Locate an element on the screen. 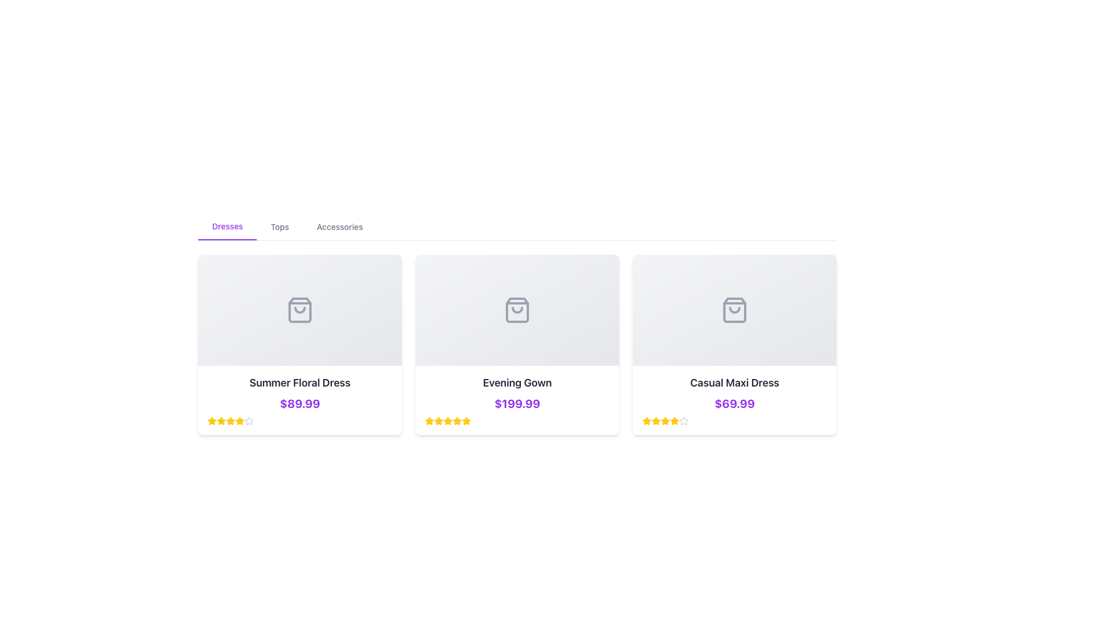  the product card showcasing the evening gown priced at $199.99 is located at coordinates (516, 344).